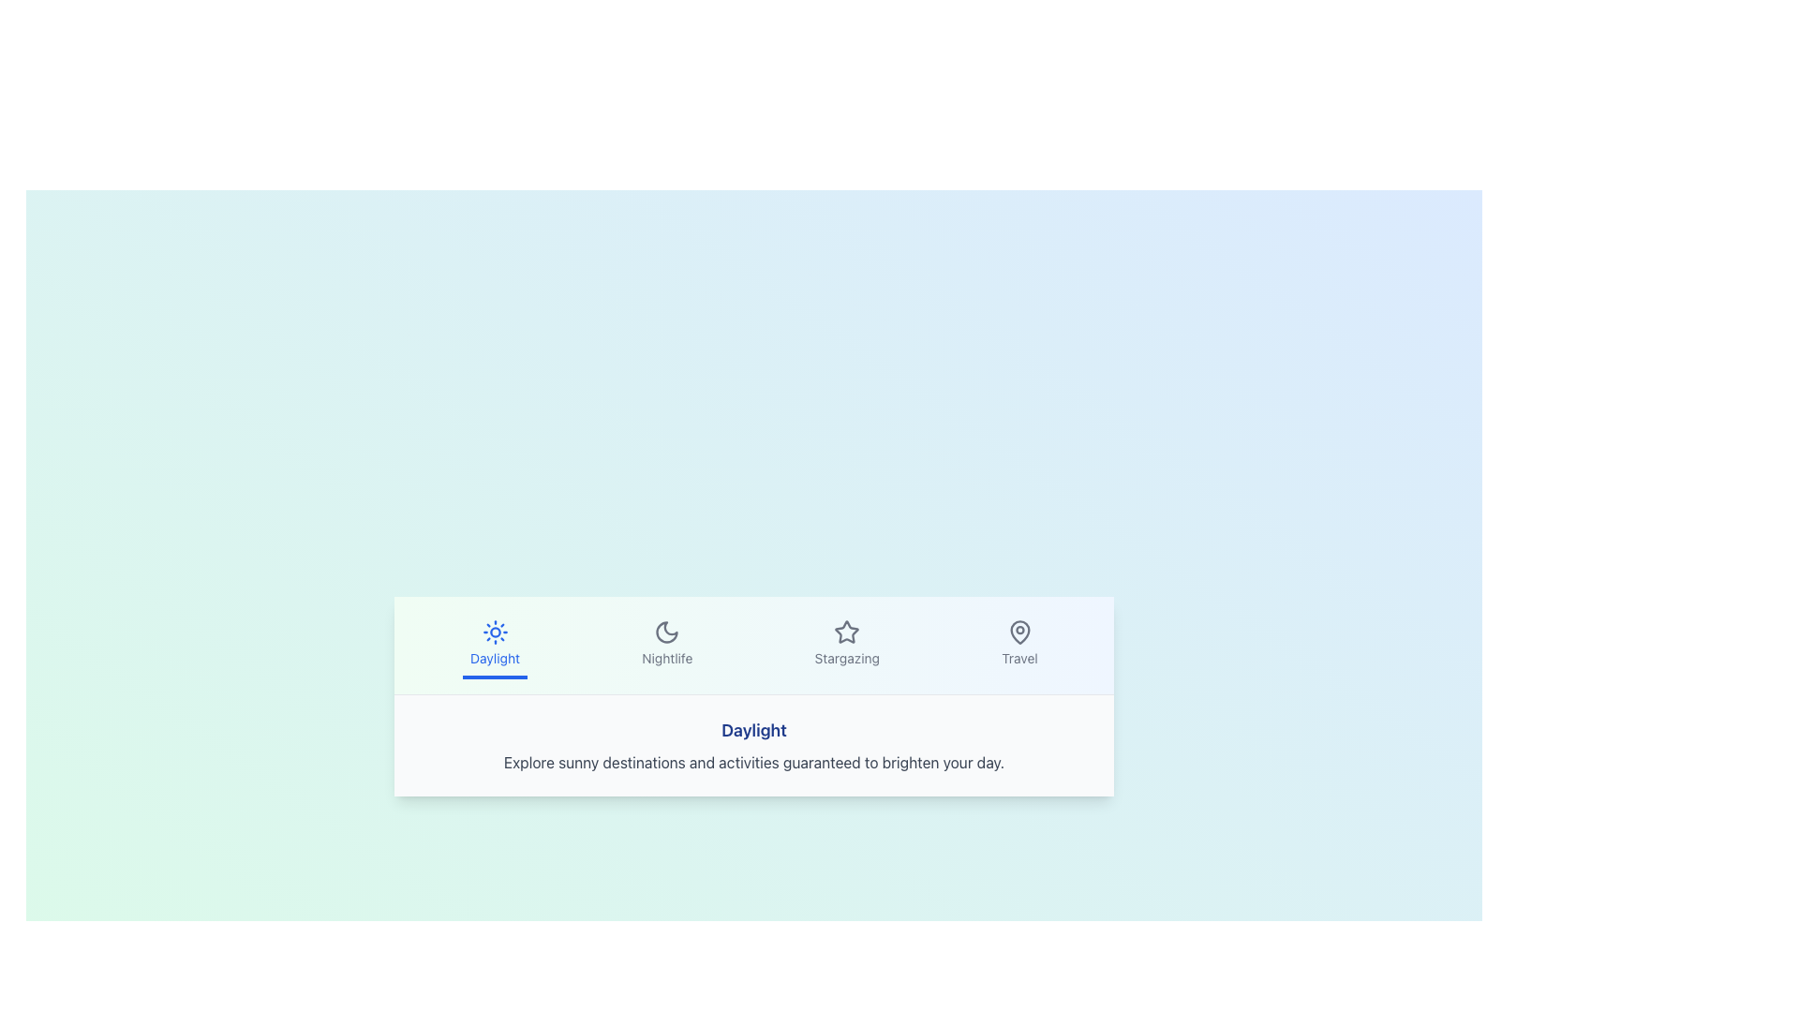  Describe the element at coordinates (666, 643) in the screenshot. I see `the second button in the sequence` at that location.